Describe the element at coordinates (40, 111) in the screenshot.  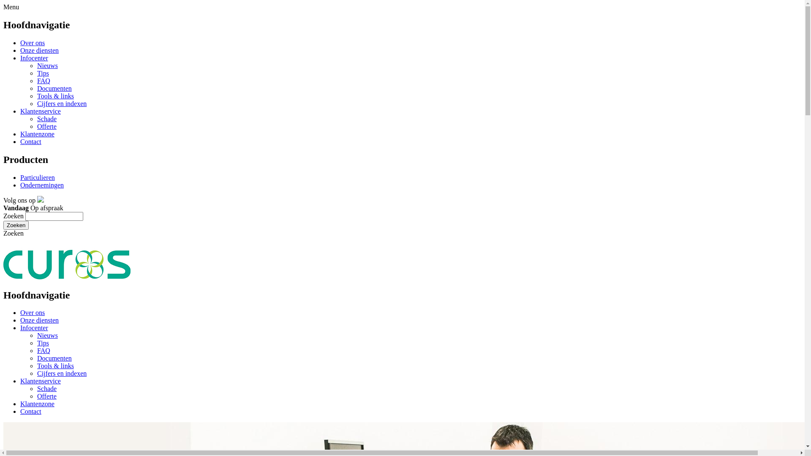
I see `'Klantenservice'` at that location.